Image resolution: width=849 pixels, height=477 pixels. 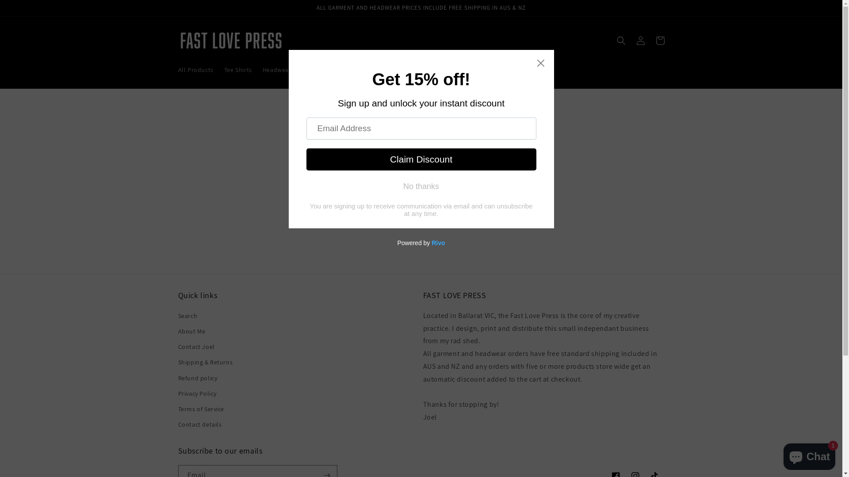 What do you see at coordinates (177, 424) in the screenshot?
I see `'Contact details'` at bounding box center [177, 424].